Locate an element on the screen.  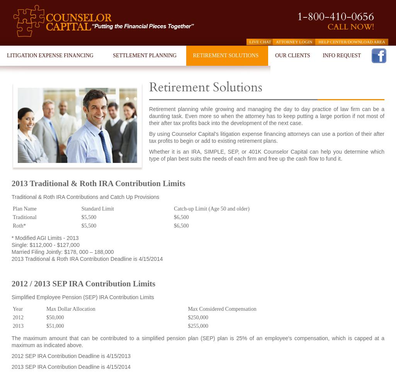
'Plan Name' is located at coordinates (13, 209).